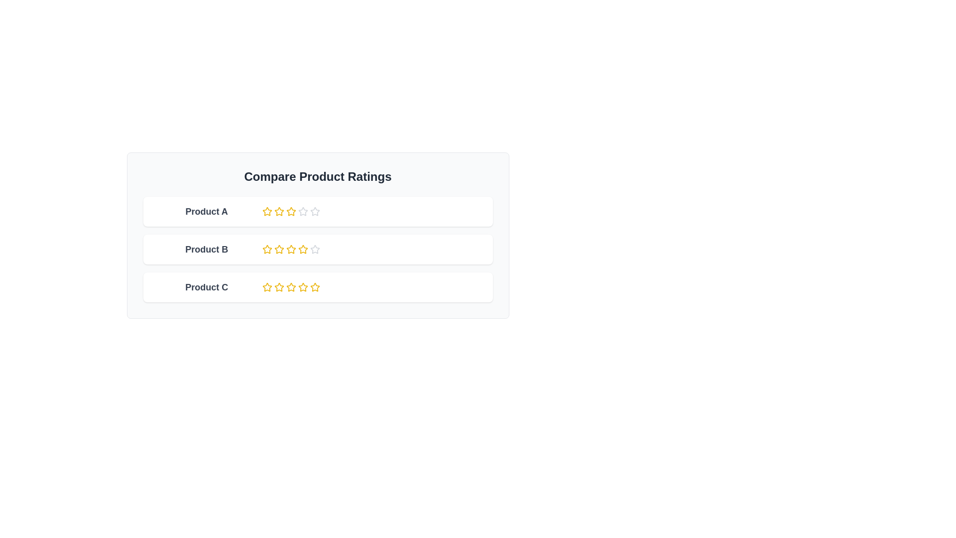 This screenshot has height=538, width=956. What do you see at coordinates (279, 211) in the screenshot?
I see `the second star in the rating row for 'Product A' to rate it` at bounding box center [279, 211].